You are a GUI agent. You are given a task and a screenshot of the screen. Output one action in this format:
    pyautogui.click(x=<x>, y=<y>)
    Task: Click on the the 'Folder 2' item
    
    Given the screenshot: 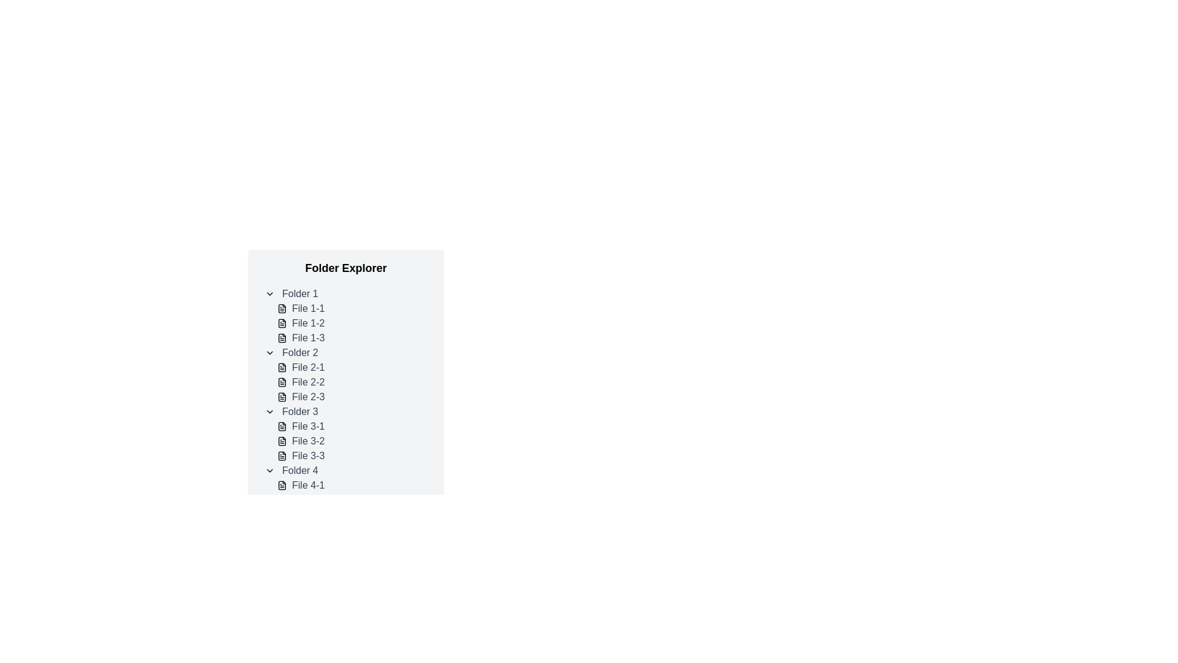 What is the action you would take?
    pyautogui.click(x=347, y=352)
    